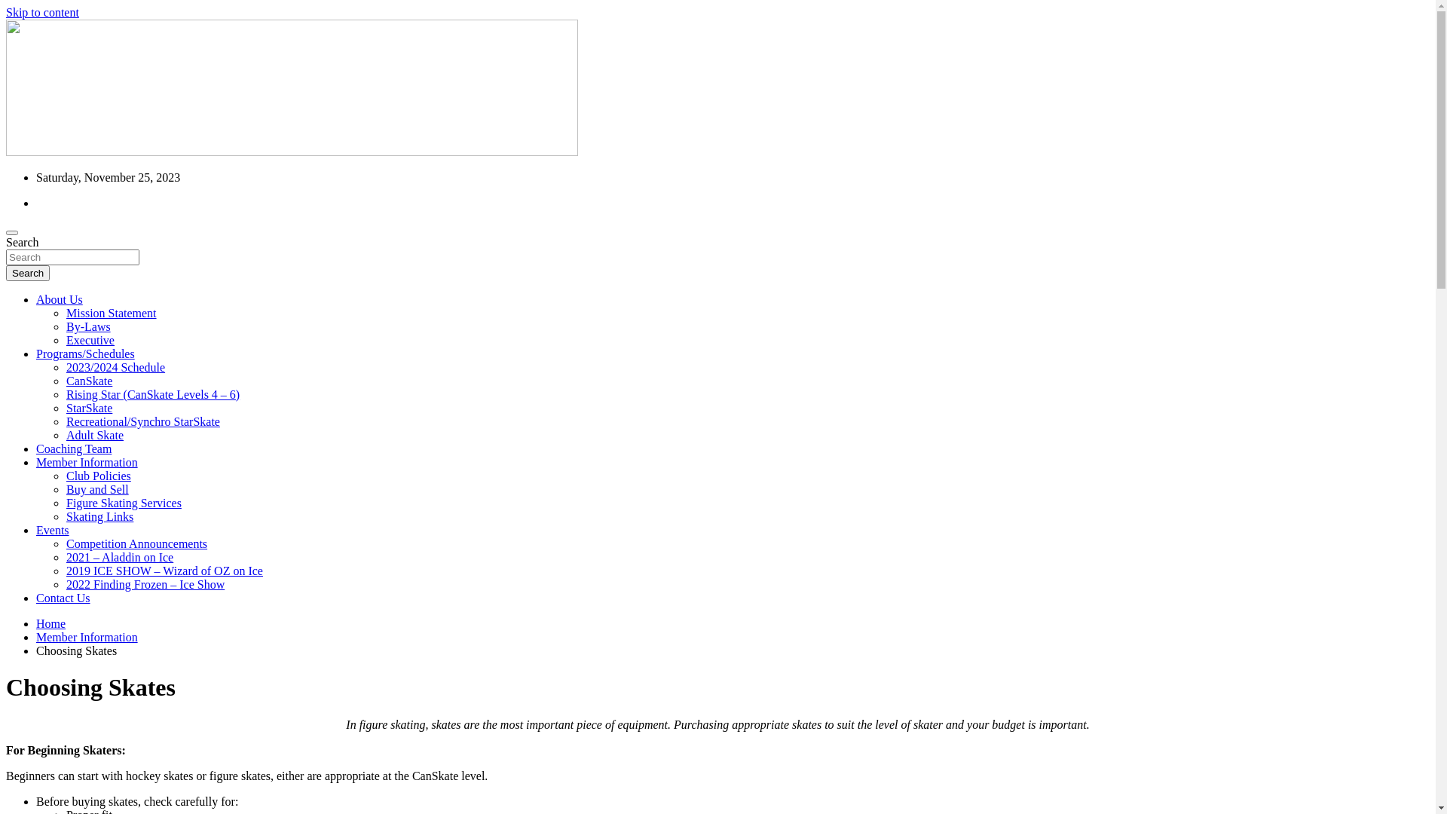 This screenshot has width=1447, height=814. Describe the element at coordinates (36, 461) in the screenshot. I see `'Member Information'` at that location.